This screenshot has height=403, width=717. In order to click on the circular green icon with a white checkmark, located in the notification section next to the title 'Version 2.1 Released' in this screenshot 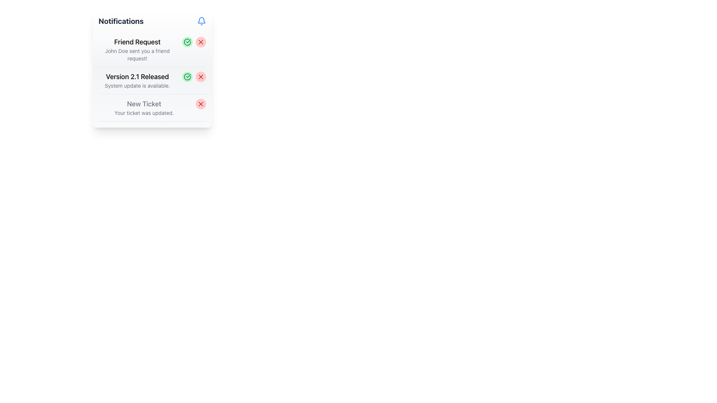, I will do `click(187, 76)`.